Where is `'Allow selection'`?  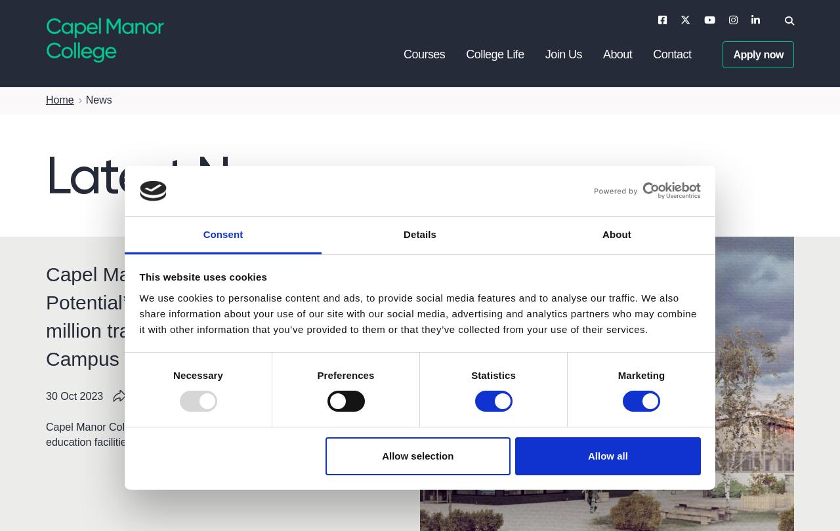
'Allow selection' is located at coordinates (417, 454).